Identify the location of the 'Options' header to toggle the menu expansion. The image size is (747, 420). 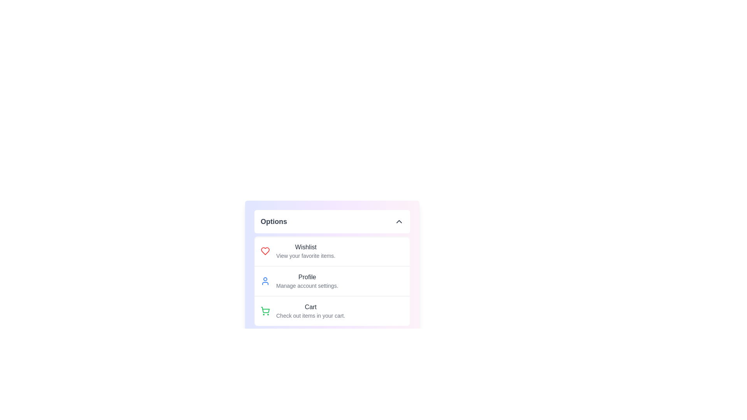
(332, 222).